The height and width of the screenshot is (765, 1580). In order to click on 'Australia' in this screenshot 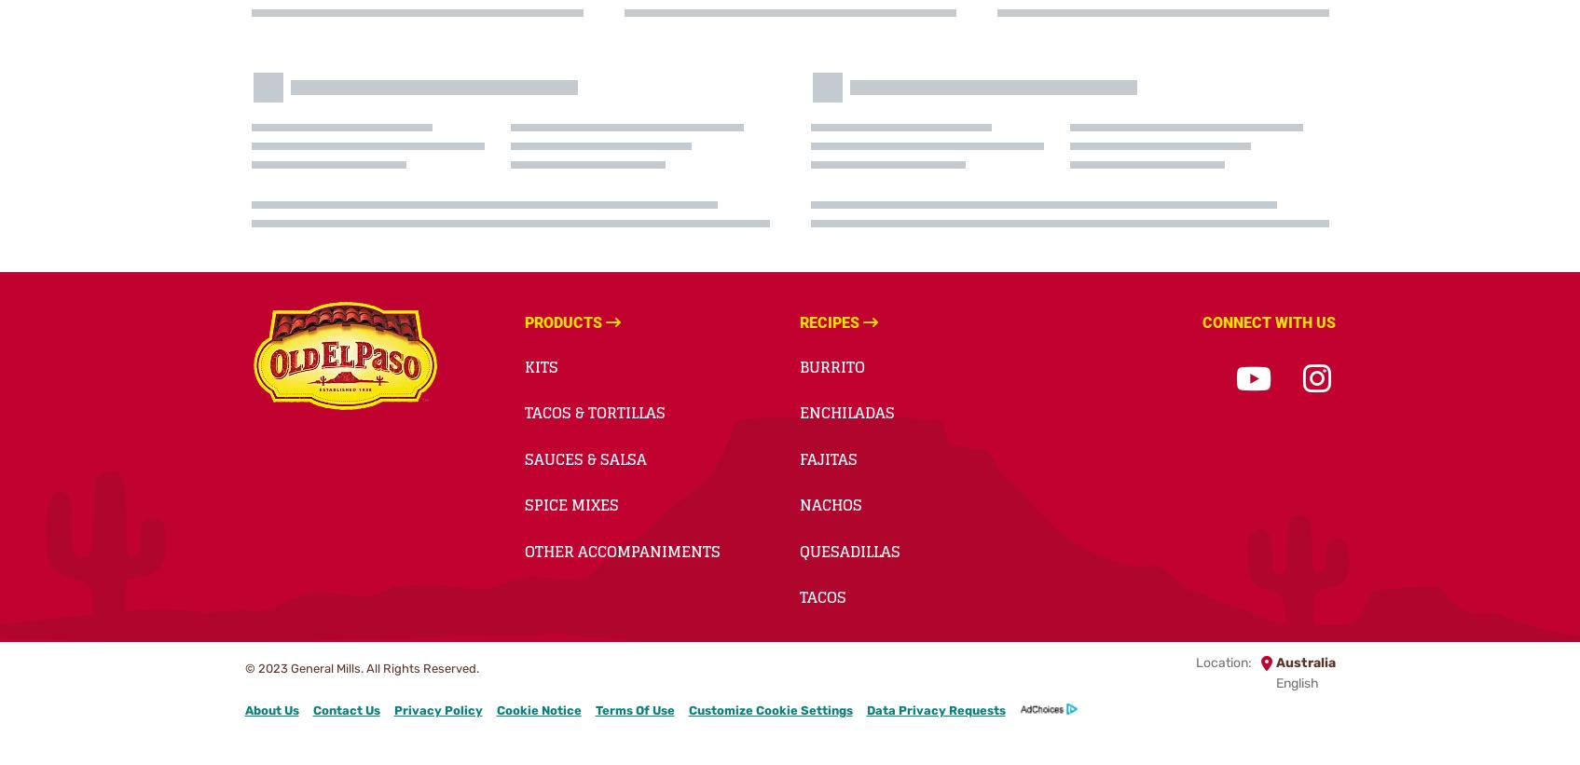, I will do `click(1275, 662)`.